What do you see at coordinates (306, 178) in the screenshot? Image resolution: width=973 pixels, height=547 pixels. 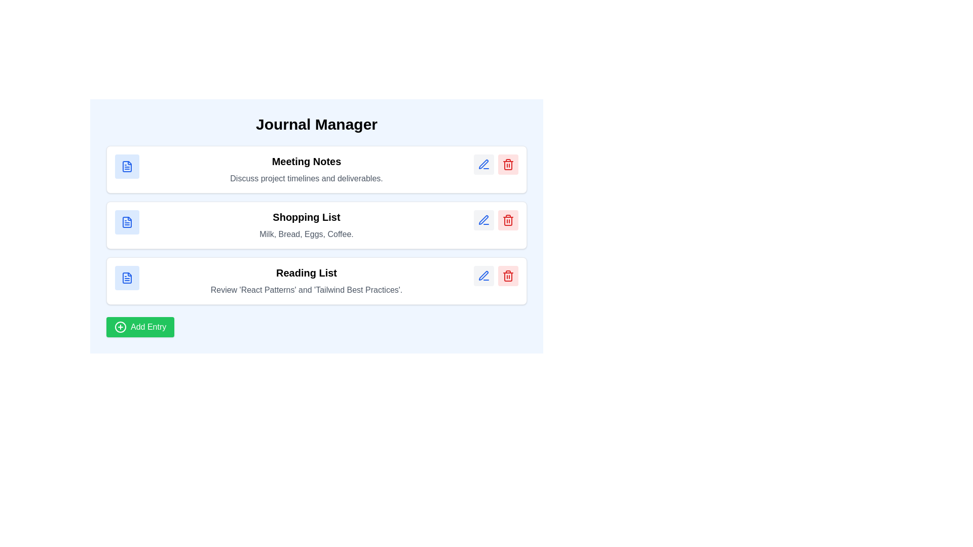 I see `the text label that contains 'Discuss project timelines and deliverables.' positioned below the title 'Meeting Notes' in the list` at bounding box center [306, 178].